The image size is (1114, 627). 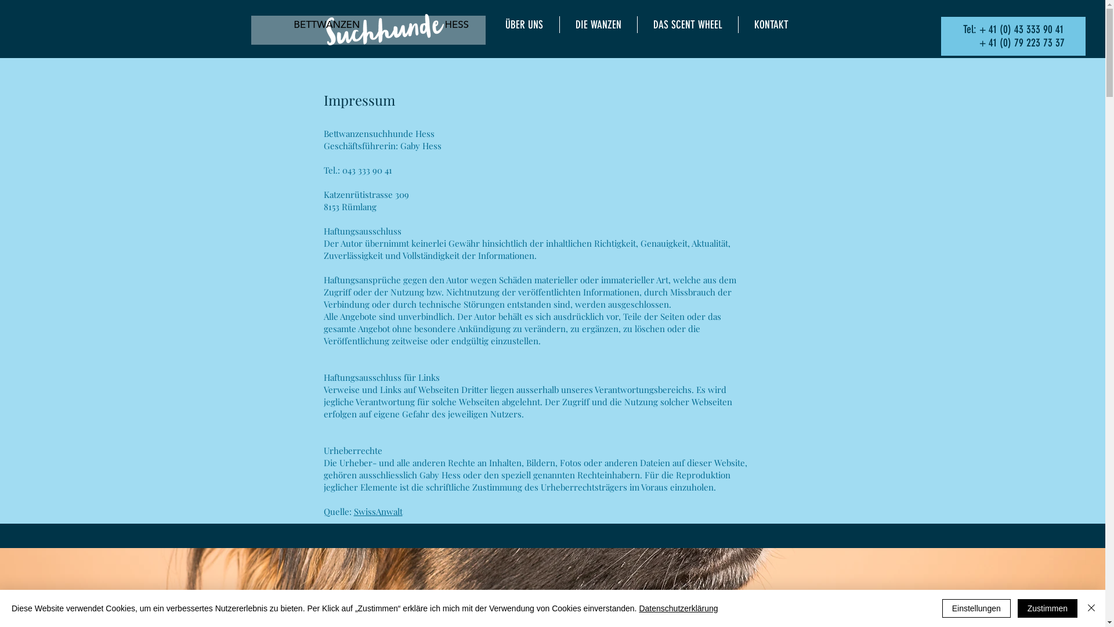 What do you see at coordinates (598, 24) in the screenshot?
I see `'DIE WANZEN'` at bounding box center [598, 24].